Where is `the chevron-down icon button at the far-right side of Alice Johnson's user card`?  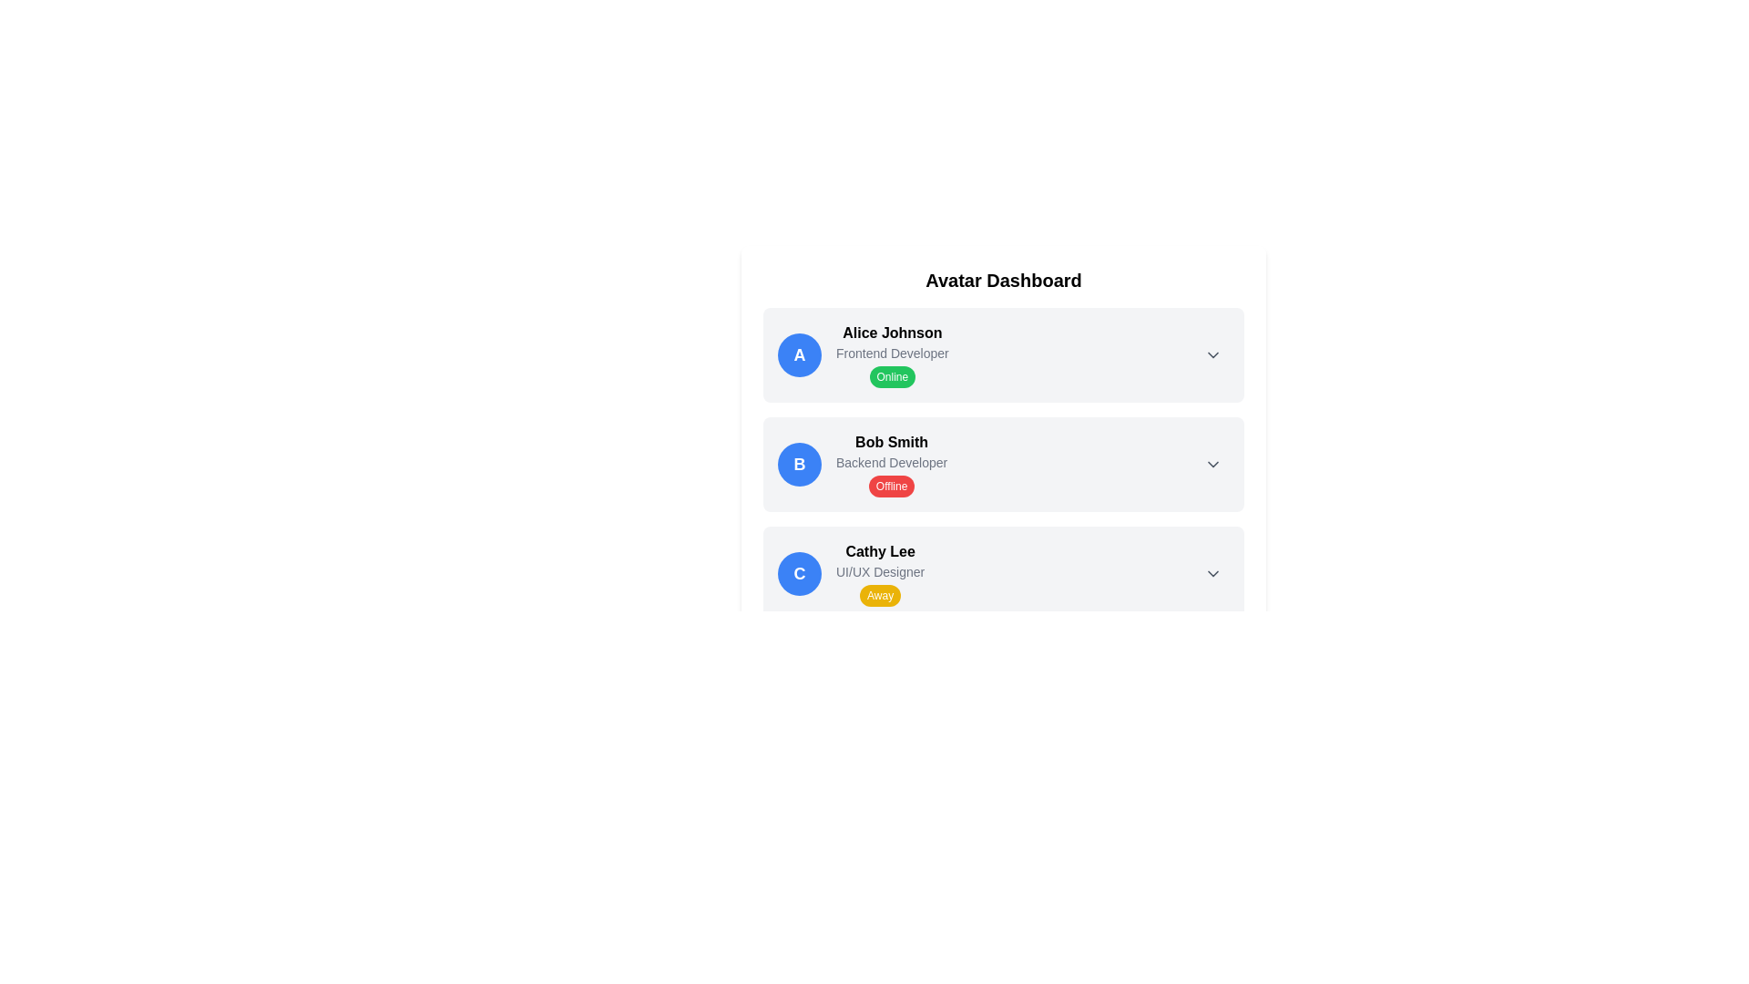 the chevron-down icon button at the far-right side of Alice Johnson's user card is located at coordinates (1212, 354).